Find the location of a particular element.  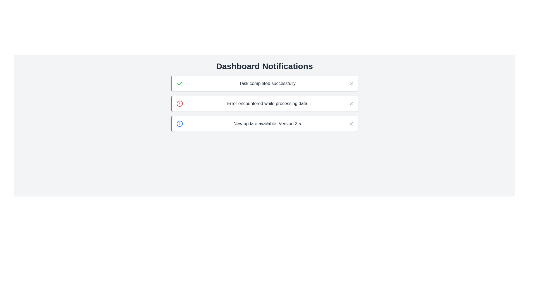

the 'X' button, styled with a gray color that turns red on hover, located on the right side of the 'Task completed successfully.' notification panel via keyboard navigation is located at coordinates (351, 84).